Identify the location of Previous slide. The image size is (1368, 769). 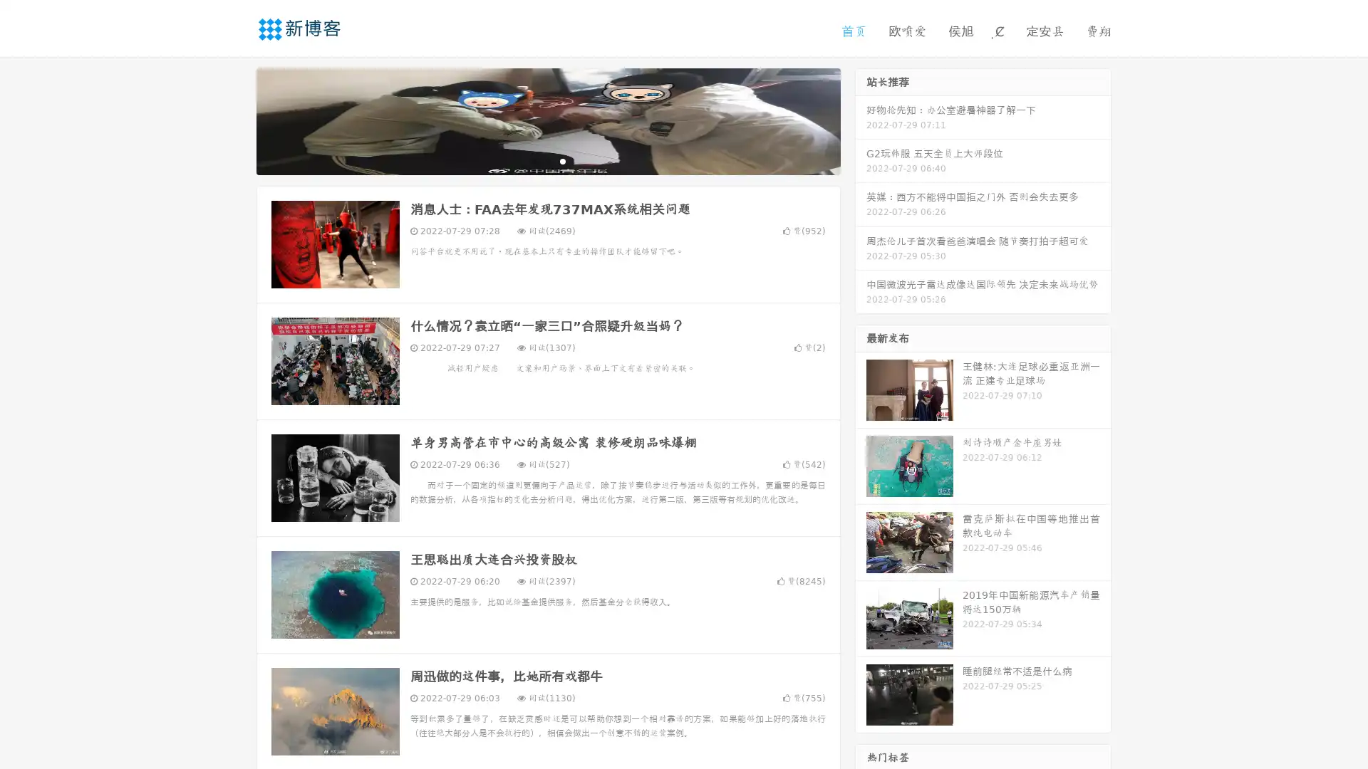
(235, 120).